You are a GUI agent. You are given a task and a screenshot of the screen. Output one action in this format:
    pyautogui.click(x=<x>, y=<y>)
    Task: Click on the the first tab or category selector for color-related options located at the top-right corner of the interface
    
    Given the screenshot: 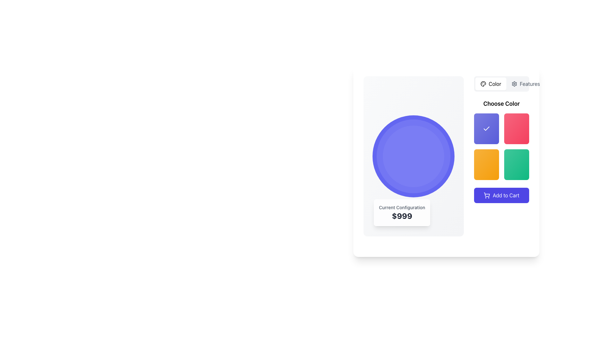 What is the action you would take?
    pyautogui.click(x=501, y=84)
    